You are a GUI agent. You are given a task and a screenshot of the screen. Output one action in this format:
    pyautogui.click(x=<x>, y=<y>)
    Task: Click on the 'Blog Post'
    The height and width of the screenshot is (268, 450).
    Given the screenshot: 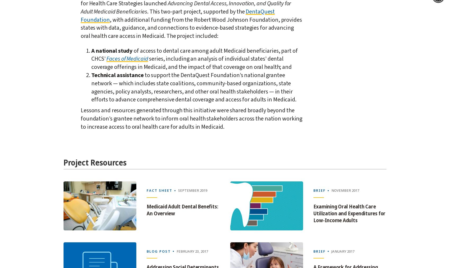 What is the action you would take?
    pyautogui.click(x=146, y=251)
    